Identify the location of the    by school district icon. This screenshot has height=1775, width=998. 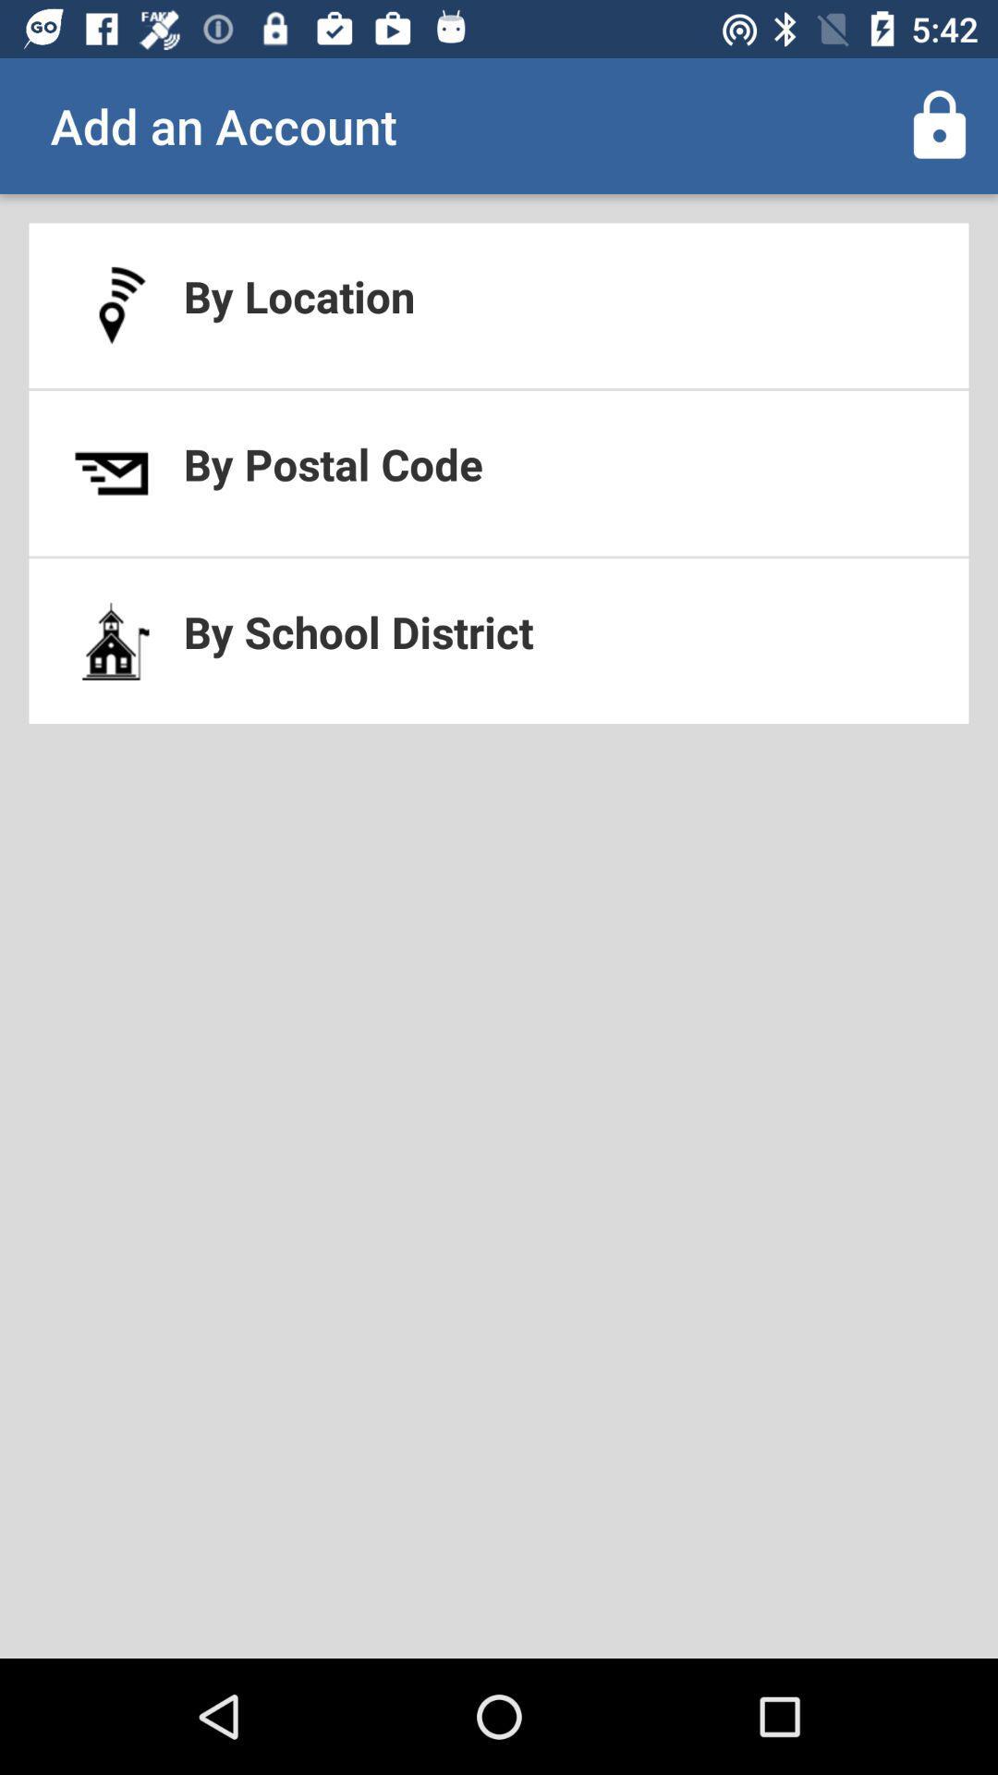
(499, 641).